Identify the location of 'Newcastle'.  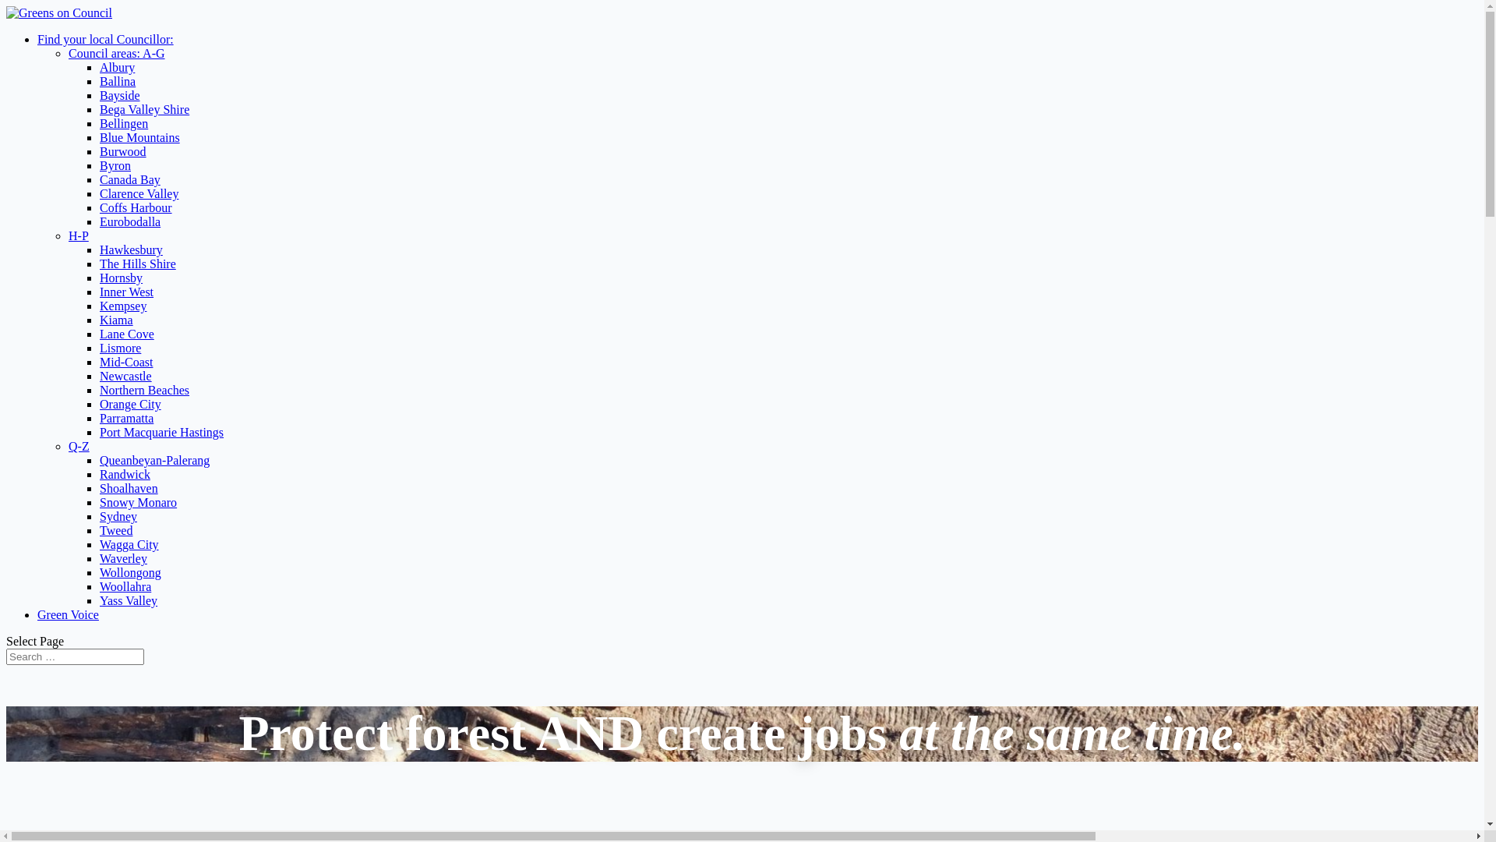
(125, 376).